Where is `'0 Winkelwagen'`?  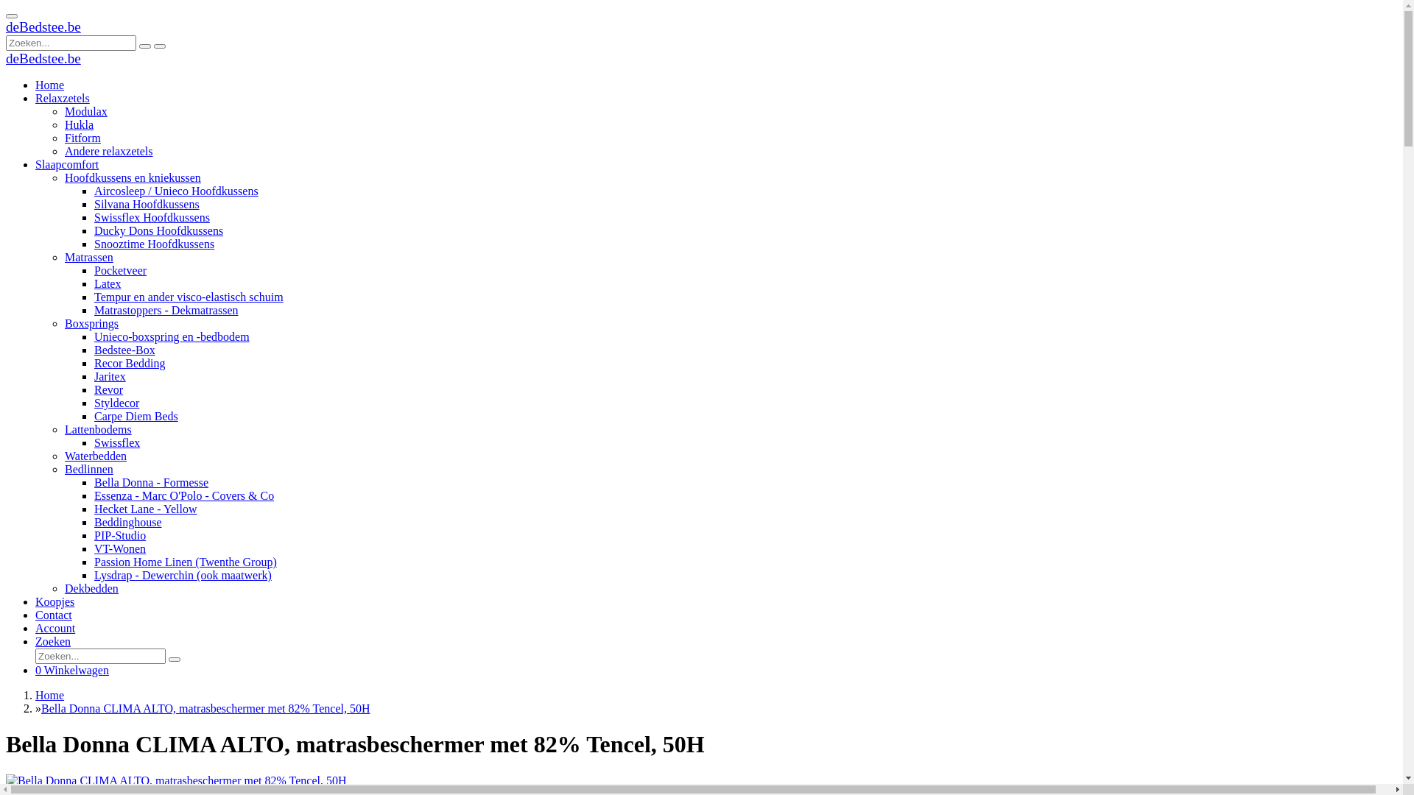 '0 Winkelwagen' is located at coordinates (71, 670).